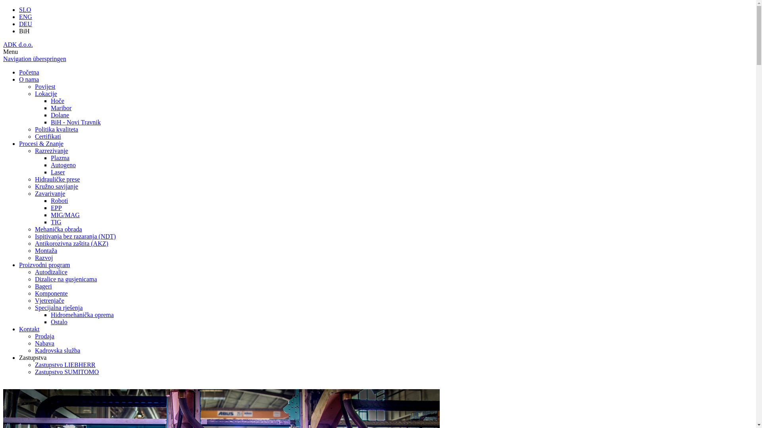 The height and width of the screenshot is (428, 762). I want to click on 'Zastupstvo SUMITOMO', so click(67, 372).